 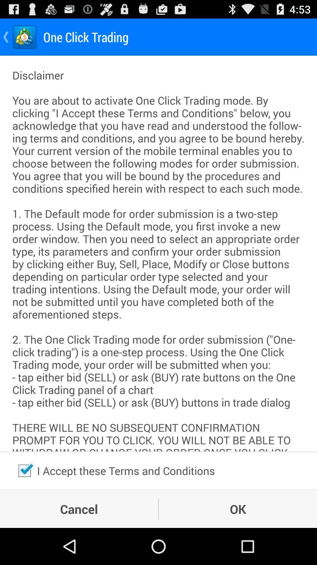 I want to click on checking box, so click(x=24, y=470).